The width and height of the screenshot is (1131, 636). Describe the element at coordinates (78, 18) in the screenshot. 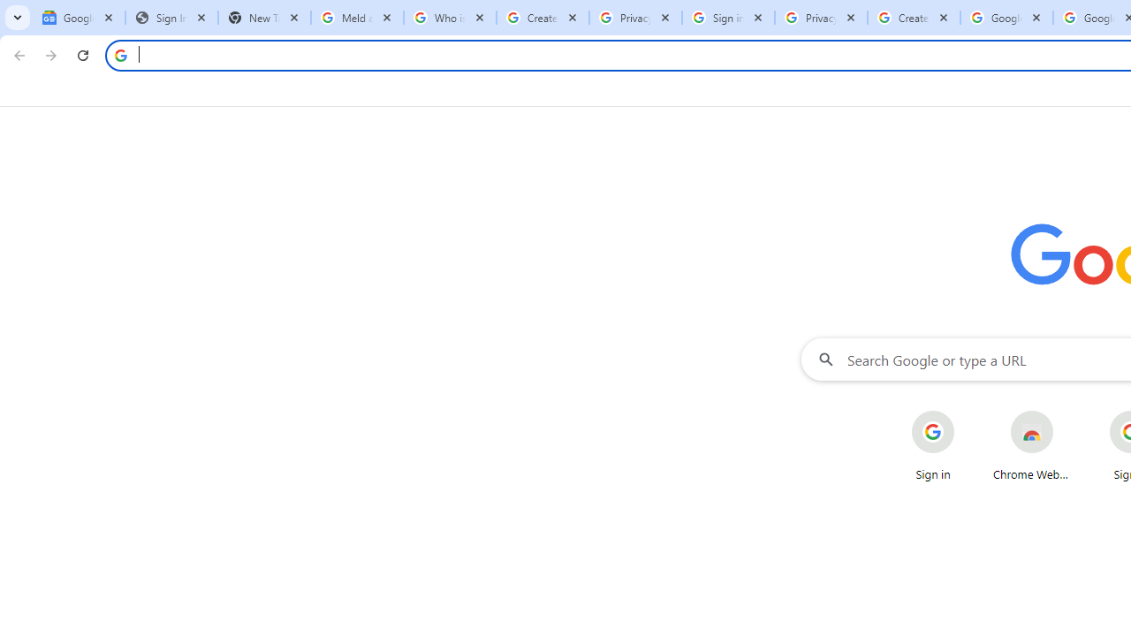

I see `'Google News'` at that location.